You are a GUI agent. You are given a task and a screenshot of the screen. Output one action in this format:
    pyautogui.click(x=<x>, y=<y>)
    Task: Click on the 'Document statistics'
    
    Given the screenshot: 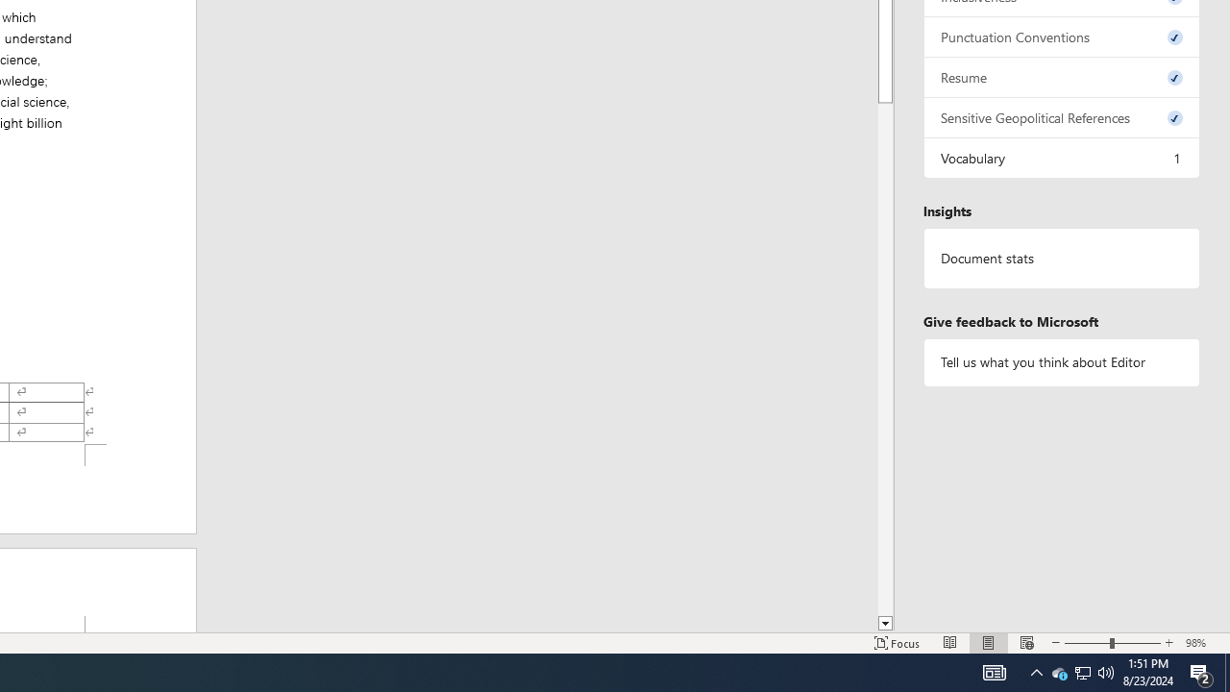 What is the action you would take?
    pyautogui.click(x=1061, y=258)
    